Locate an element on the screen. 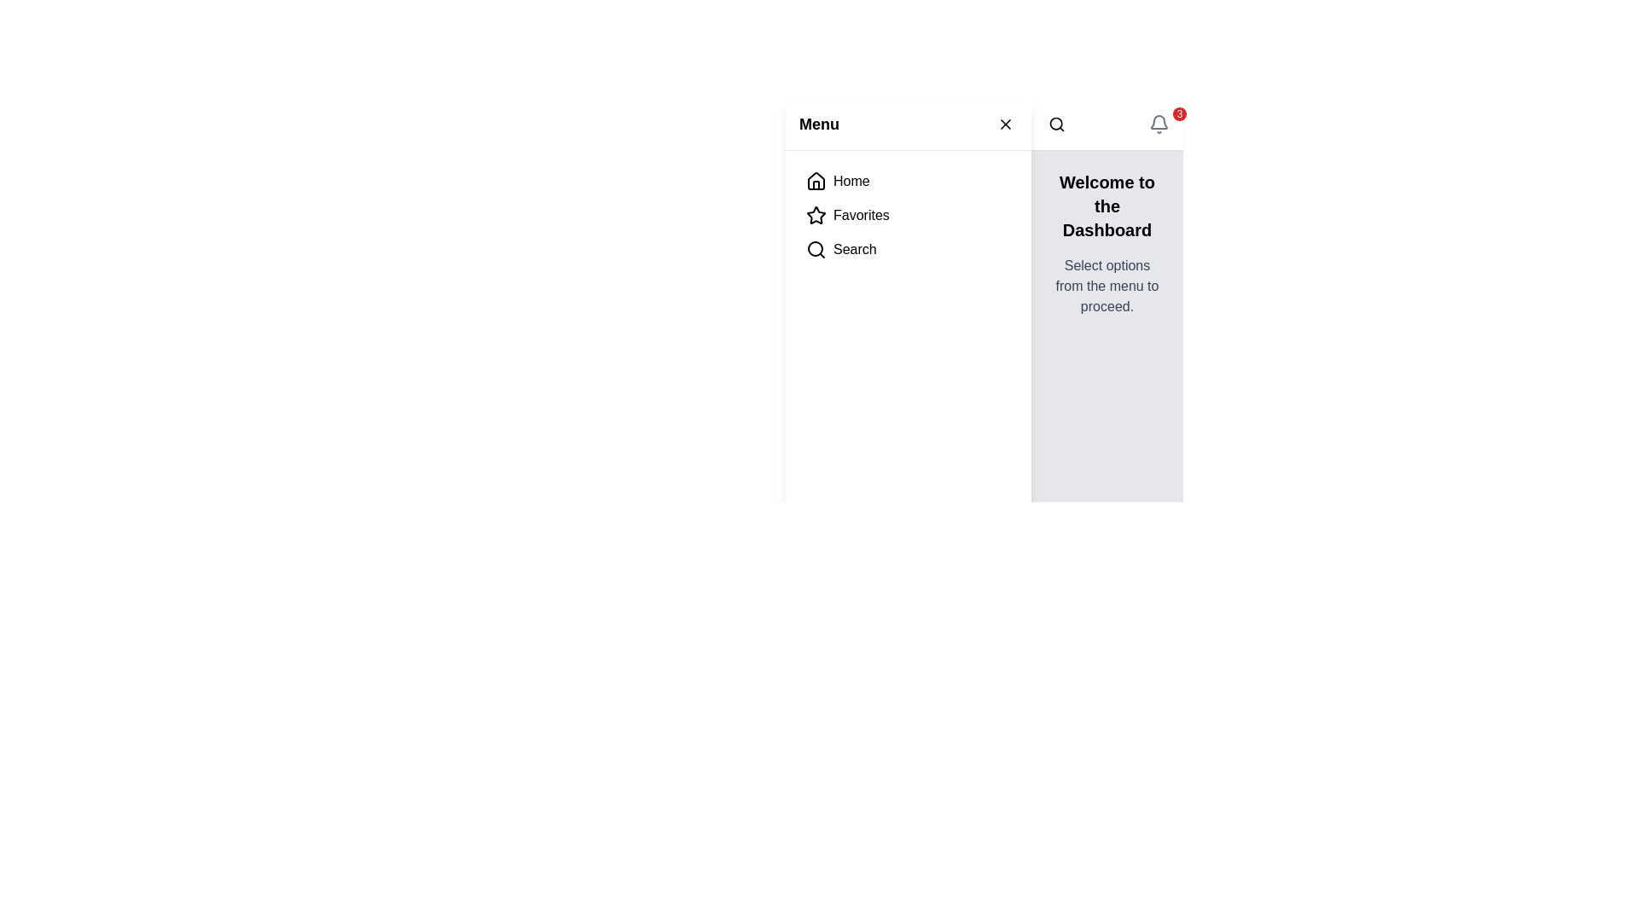  the search button located in the top navigation bar, positioned to the right of the menu label and to the left of the bell icon, to trigger any potential visual effects is located at coordinates (1055, 124).